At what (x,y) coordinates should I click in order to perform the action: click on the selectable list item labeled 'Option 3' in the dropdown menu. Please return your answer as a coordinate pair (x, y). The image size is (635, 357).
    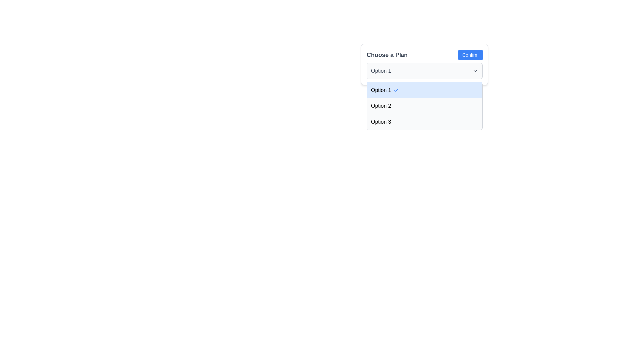
    Looking at the image, I should click on (424, 122).